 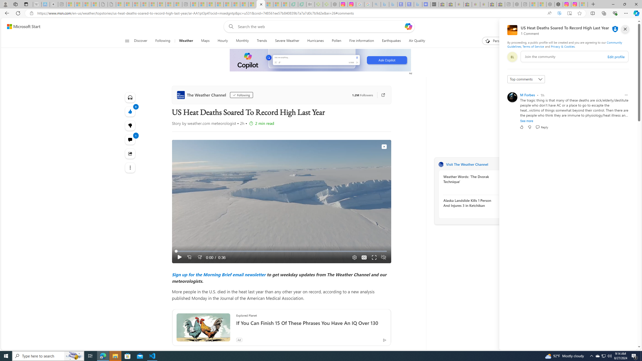 What do you see at coordinates (54, 4) in the screenshot?
I see `'Buy iPad - Apple - Sleeping'` at bounding box center [54, 4].